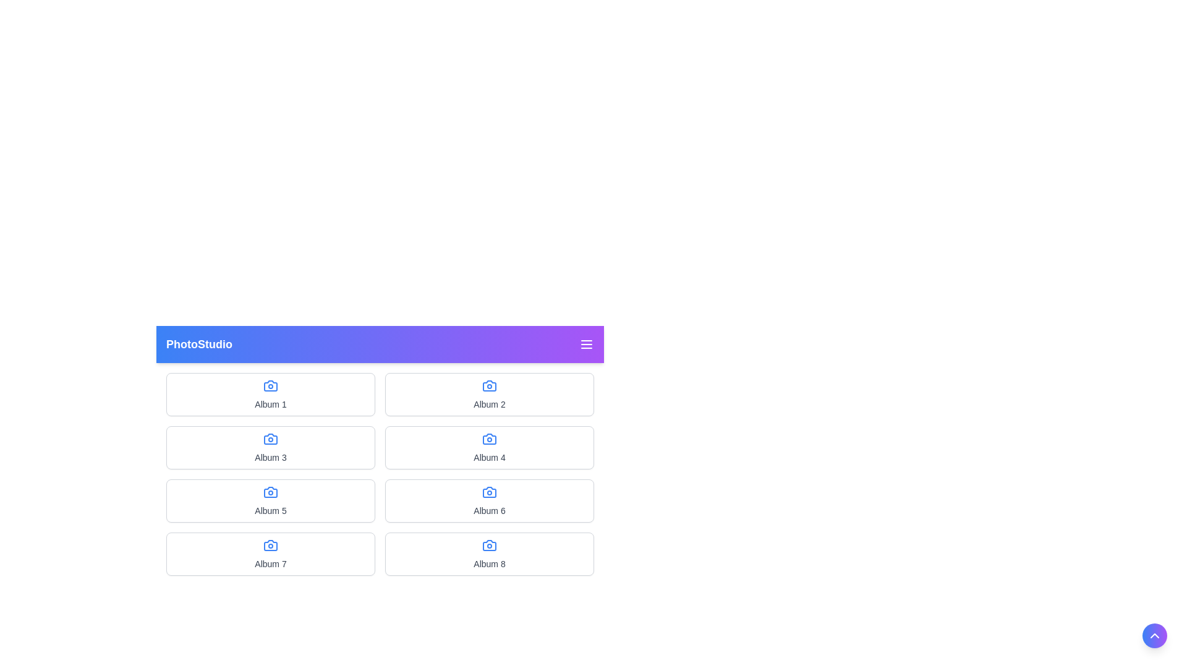 The height and width of the screenshot is (668, 1187). I want to click on the camera icon located at the top center of the card labeled 'Album 5', so click(270, 491).